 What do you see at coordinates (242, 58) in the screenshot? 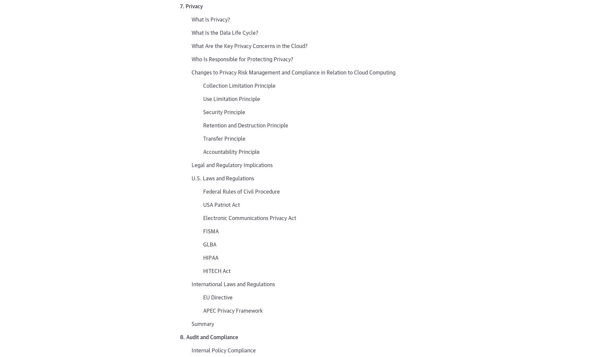
I see `'Who Is Responsible for Protecting Privacy?'` at bounding box center [242, 58].